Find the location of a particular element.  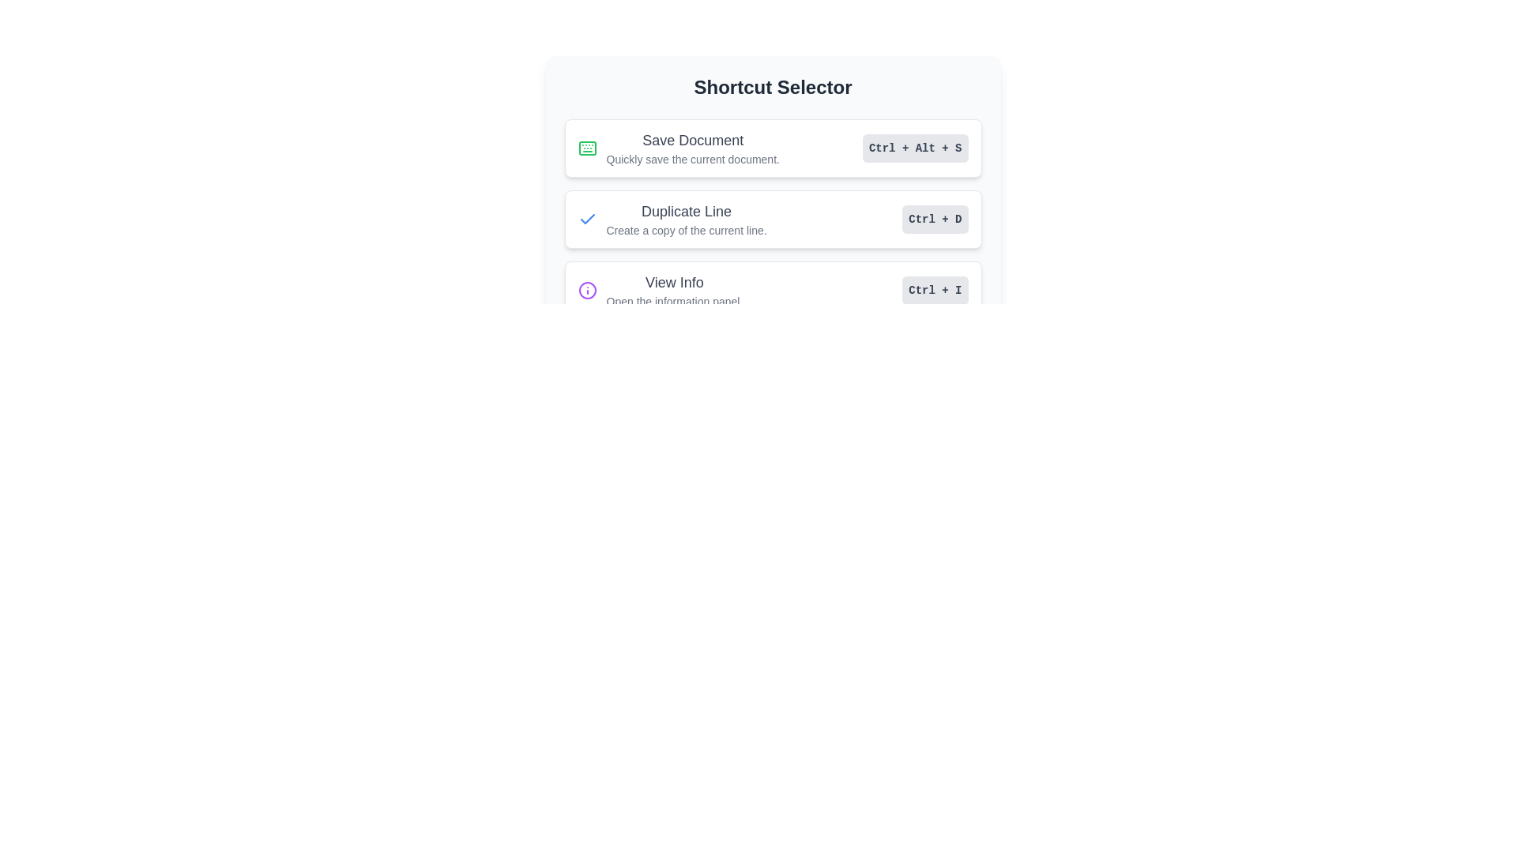

the second Card component in the vertically stacked list of shortcut options is located at coordinates (773, 197).